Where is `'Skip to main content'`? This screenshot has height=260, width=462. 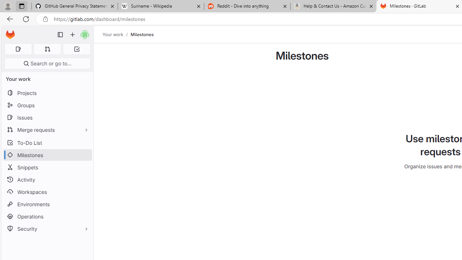
'Skip to main content' is located at coordinates (8, 31).